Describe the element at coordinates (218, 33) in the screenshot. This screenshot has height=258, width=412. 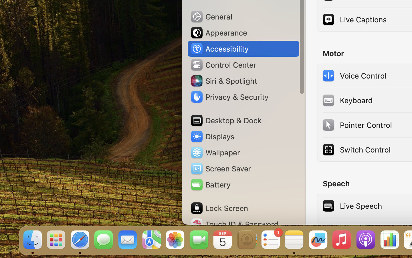
I see `'Appearance'` at that location.